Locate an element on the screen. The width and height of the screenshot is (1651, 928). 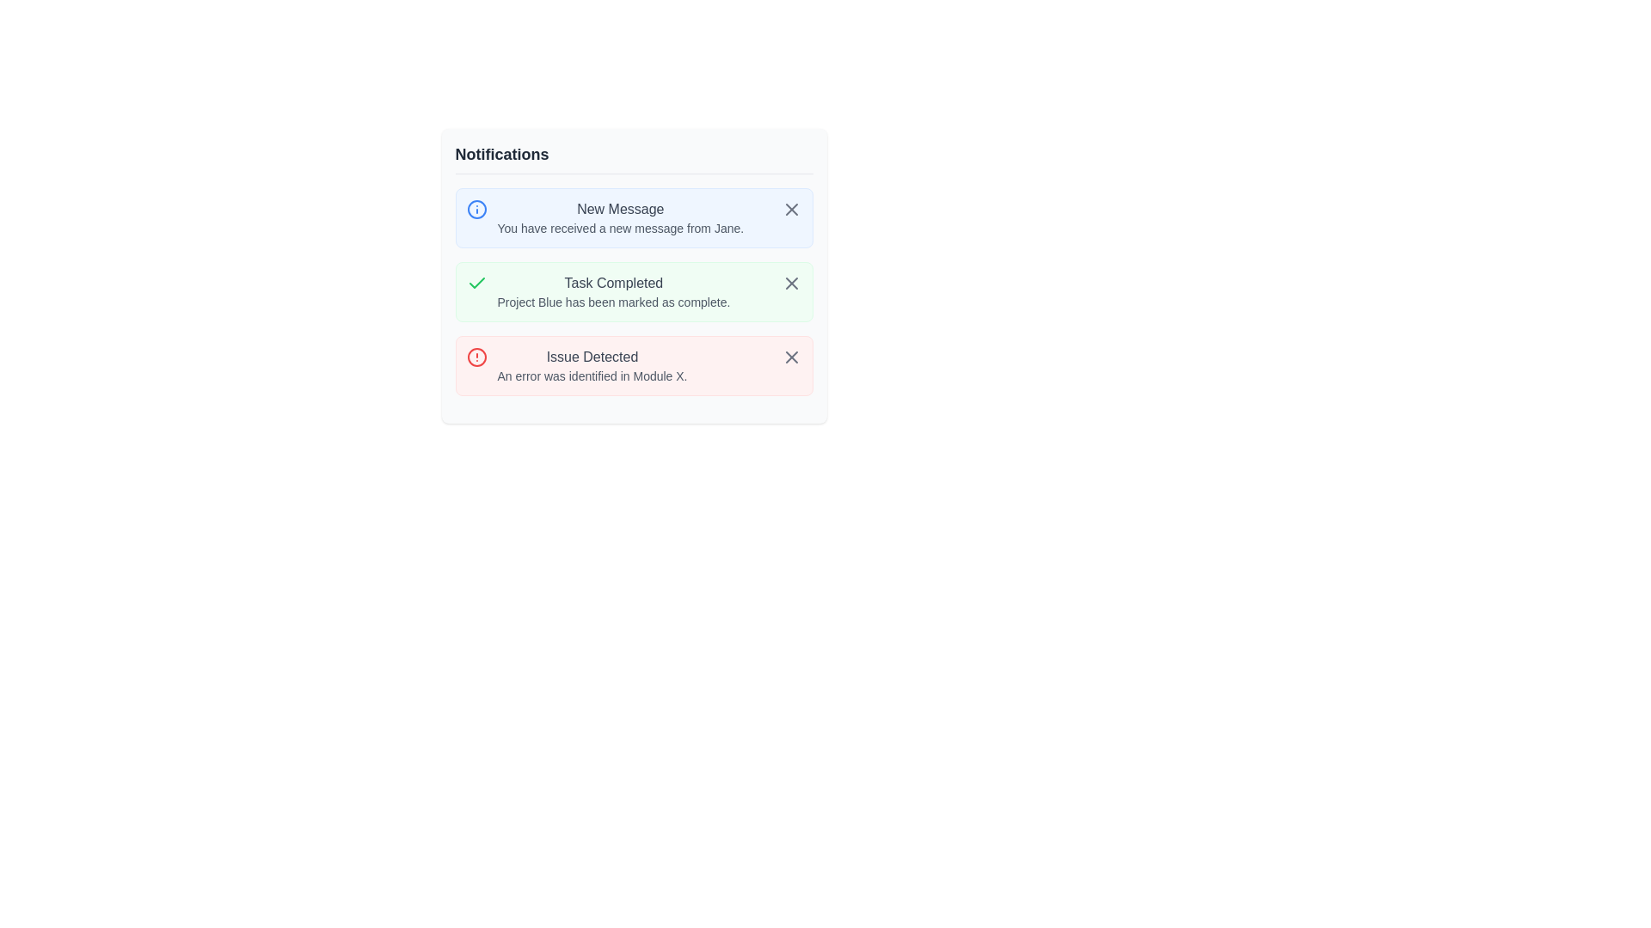
the title text label located in the middle notification card under the 'Notifications' heading is located at coordinates (613, 283).